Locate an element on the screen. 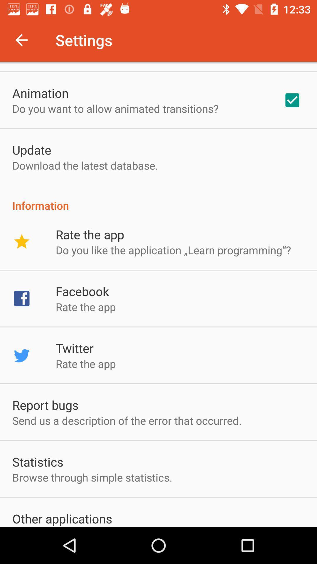 This screenshot has height=564, width=317. icon at the top right corner is located at coordinates (292, 100).